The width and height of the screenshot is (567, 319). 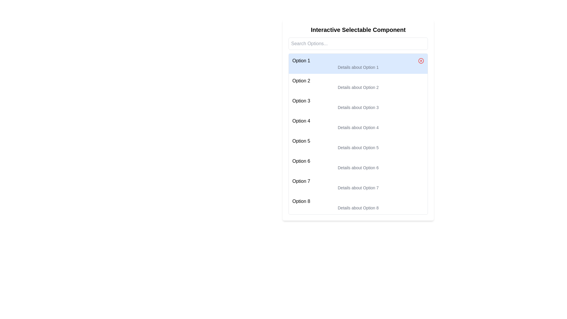 I want to click on the selectable list option displaying 'Option 7', so click(x=358, y=184).